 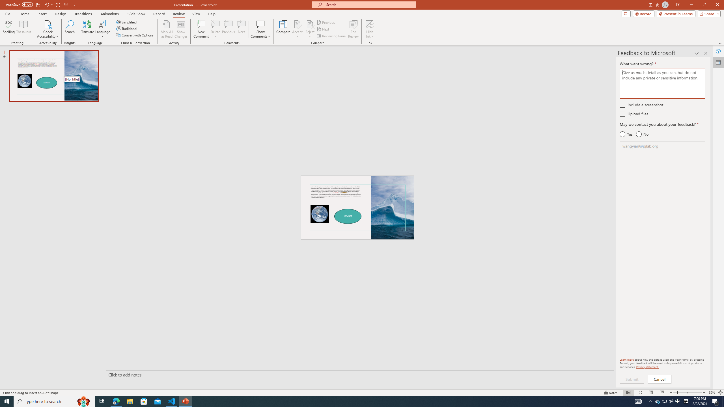 I want to click on 'Language', so click(x=102, y=29).